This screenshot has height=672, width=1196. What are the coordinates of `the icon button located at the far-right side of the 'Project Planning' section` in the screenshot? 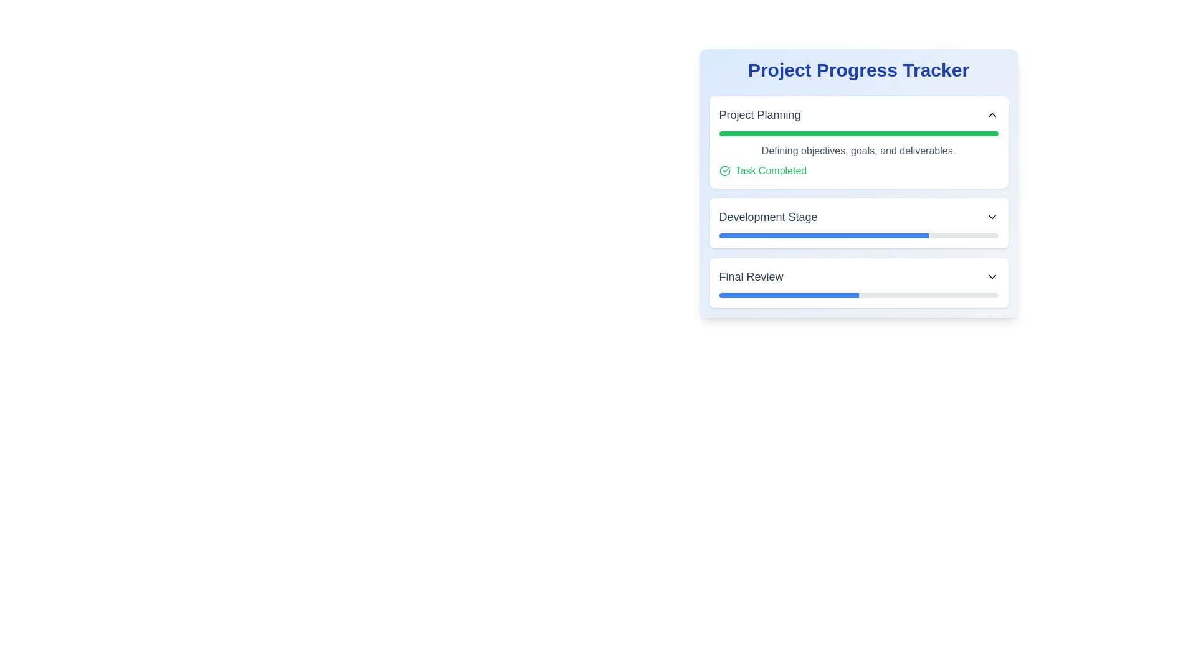 It's located at (991, 115).